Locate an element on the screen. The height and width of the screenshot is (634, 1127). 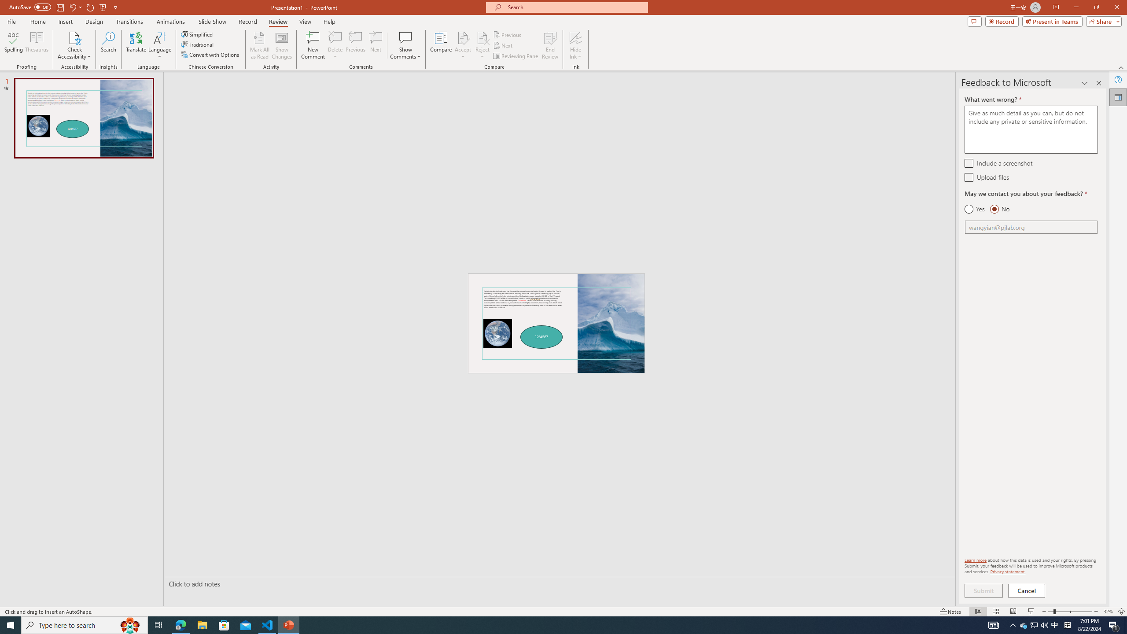
'Yes' is located at coordinates (974, 209).